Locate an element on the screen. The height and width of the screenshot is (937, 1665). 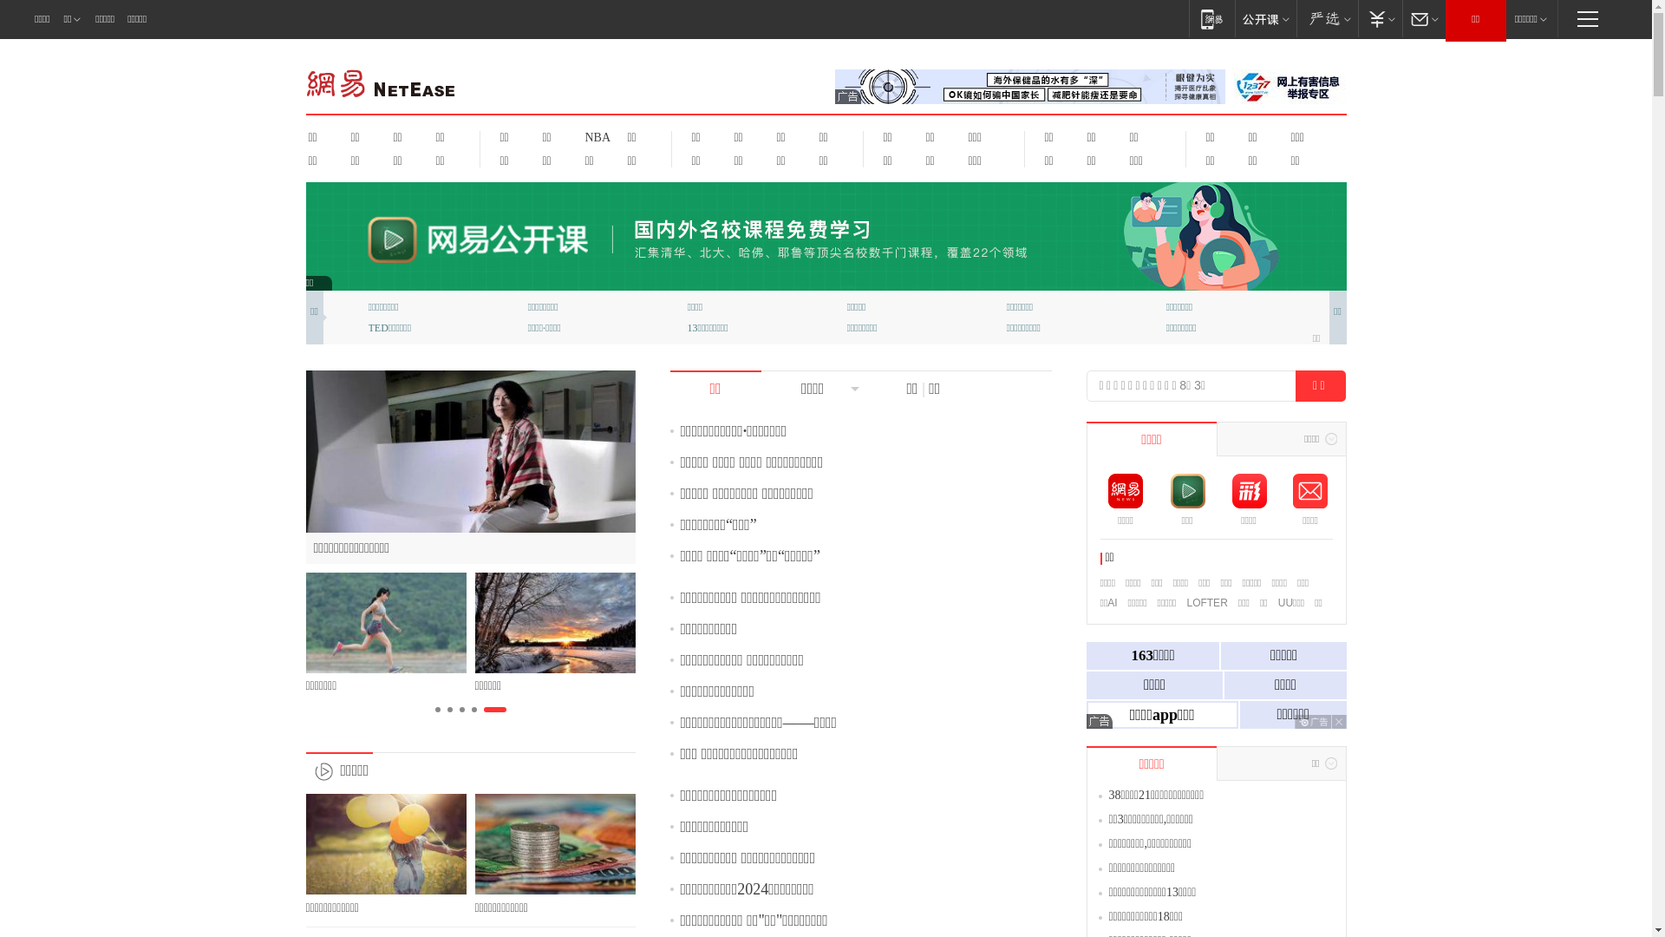
'LOFTER' is located at coordinates (1205, 601).